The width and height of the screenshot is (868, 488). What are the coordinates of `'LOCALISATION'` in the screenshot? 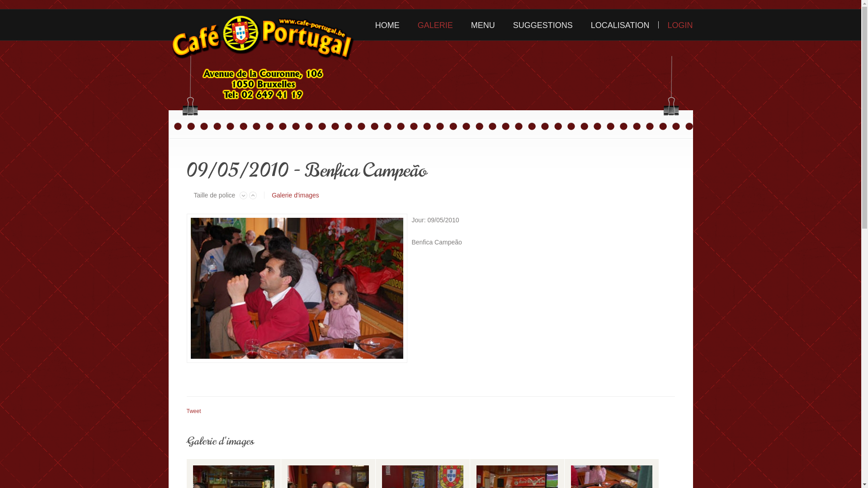 It's located at (620, 24).